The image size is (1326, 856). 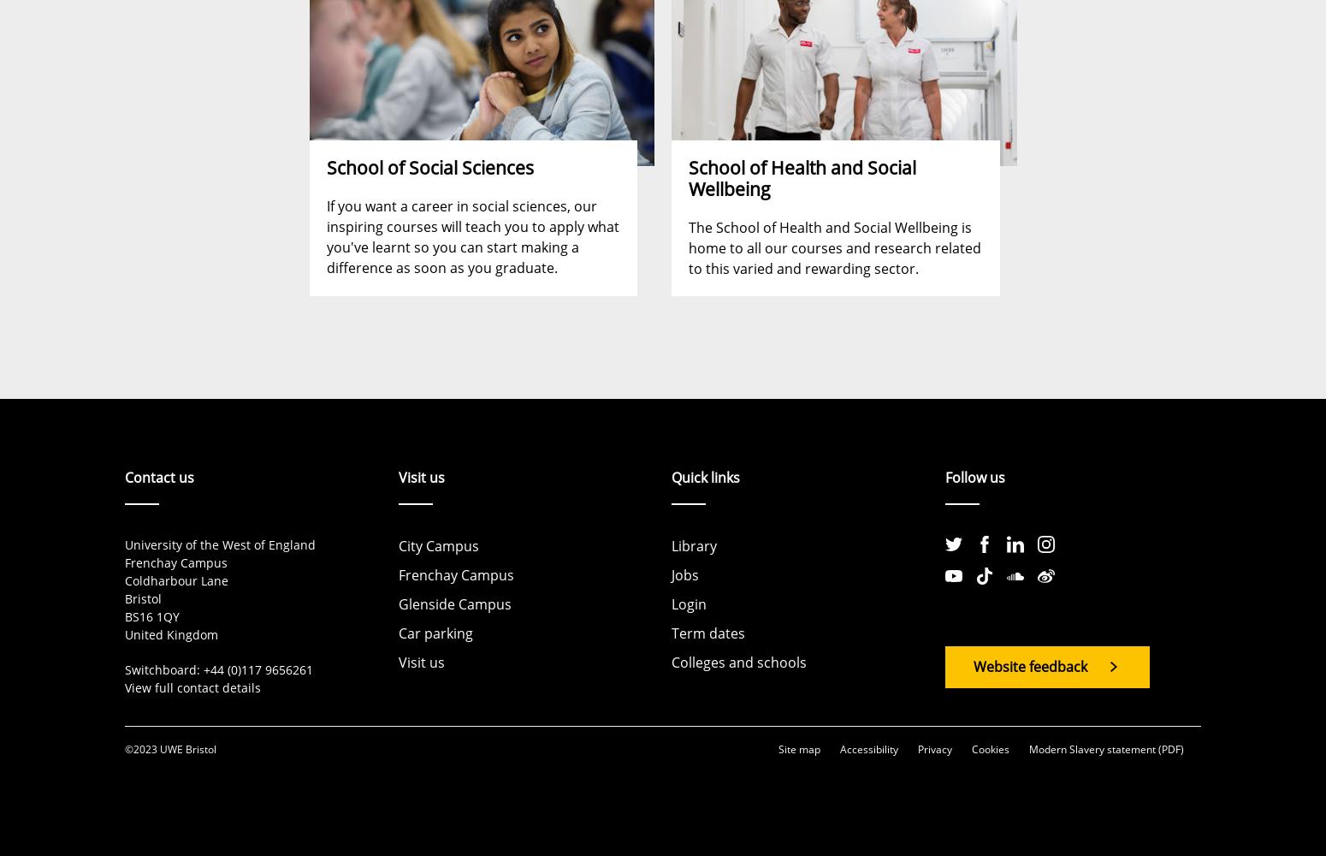 I want to click on 'Coldharbour Lane', so click(x=125, y=580).